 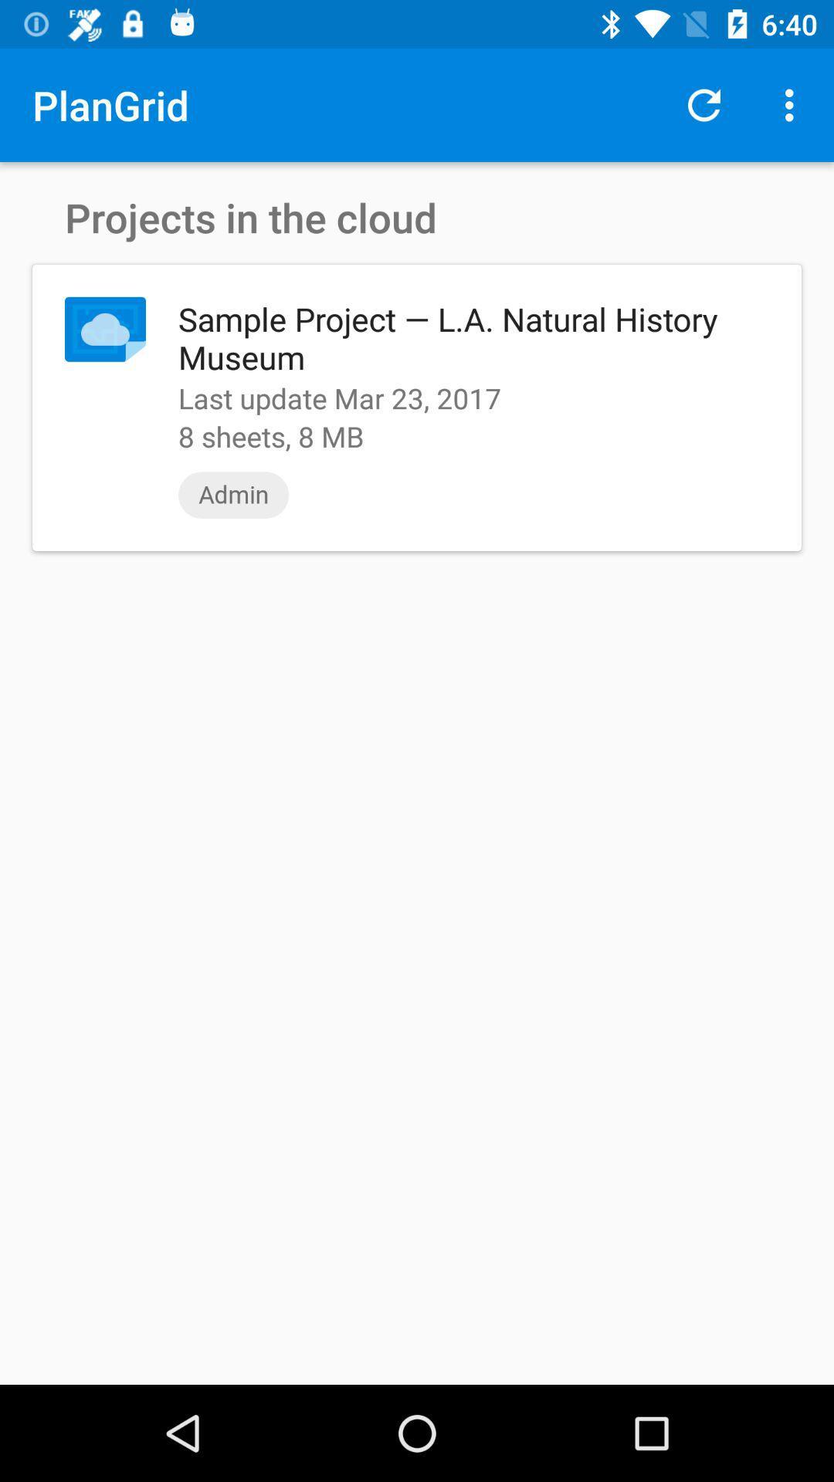 I want to click on the icon to the right of the plangrid item, so click(x=703, y=104).